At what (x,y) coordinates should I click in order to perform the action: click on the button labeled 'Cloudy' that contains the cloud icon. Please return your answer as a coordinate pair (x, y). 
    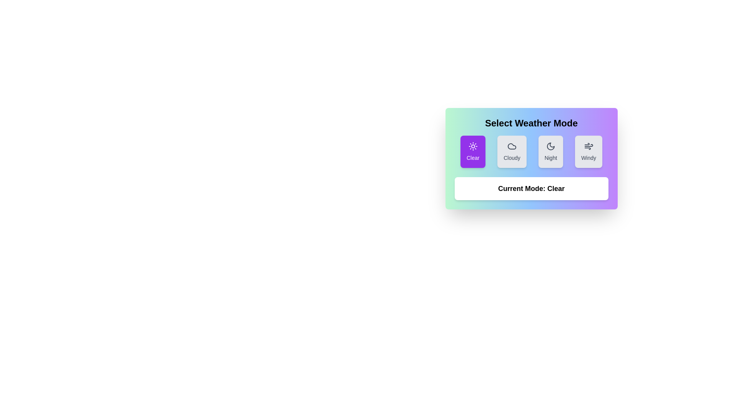
    Looking at the image, I should click on (512, 146).